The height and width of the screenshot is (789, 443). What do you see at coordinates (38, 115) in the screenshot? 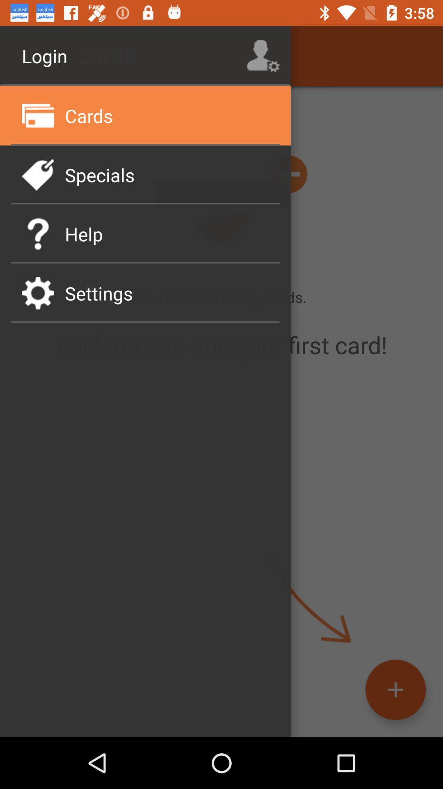
I see `the icon beside cards` at bounding box center [38, 115].